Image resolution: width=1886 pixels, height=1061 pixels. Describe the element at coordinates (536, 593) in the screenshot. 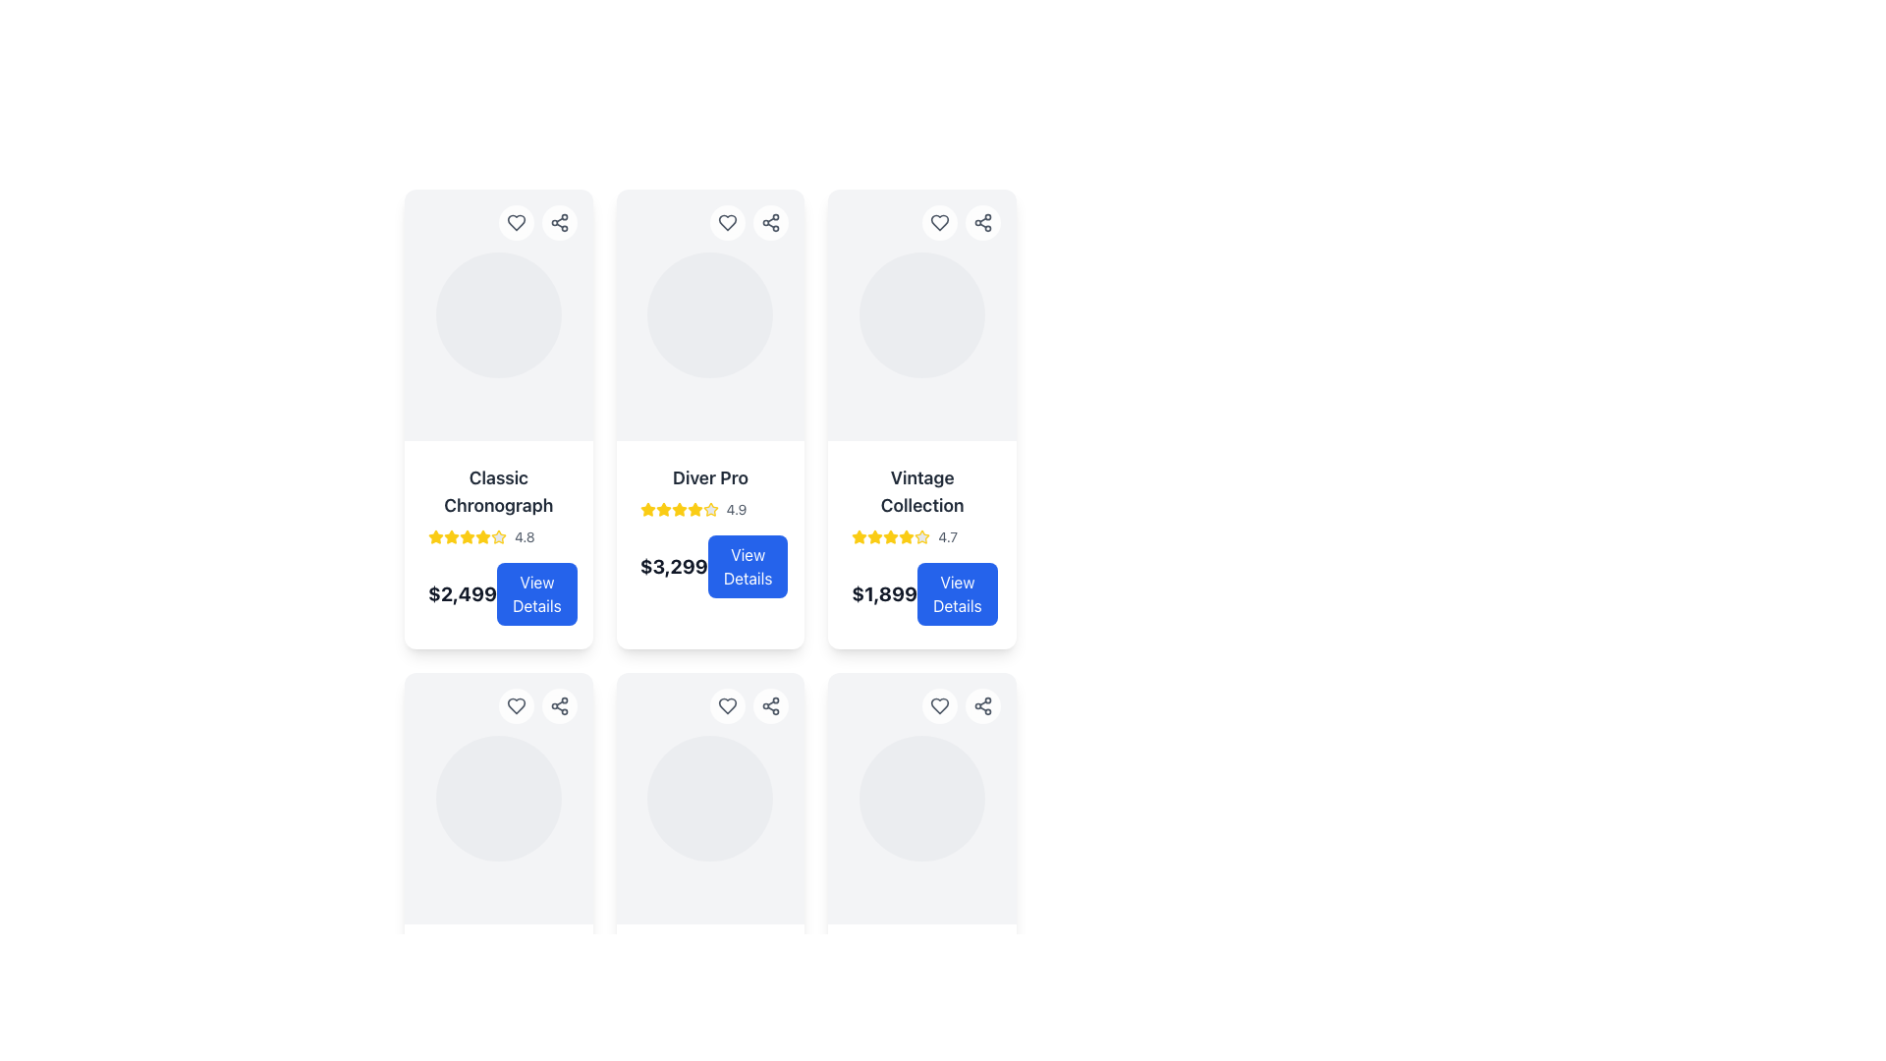

I see `the button located at the lower-right corner of the card displaying information for the 'Classic Chronograph' item` at that location.